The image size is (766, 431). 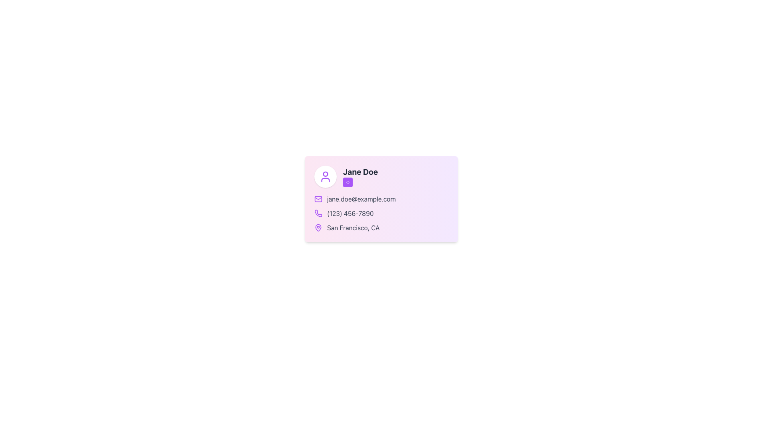 I want to click on the decorative graphic representing the flap of an envelope in the email icon, which is positioned below the profile name on the left side of the card, so click(x=318, y=198).